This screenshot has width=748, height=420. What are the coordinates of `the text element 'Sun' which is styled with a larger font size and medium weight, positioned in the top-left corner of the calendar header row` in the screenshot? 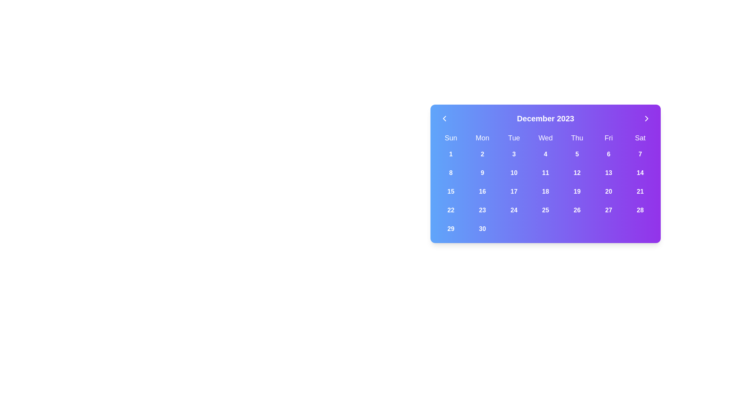 It's located at (451, 137).